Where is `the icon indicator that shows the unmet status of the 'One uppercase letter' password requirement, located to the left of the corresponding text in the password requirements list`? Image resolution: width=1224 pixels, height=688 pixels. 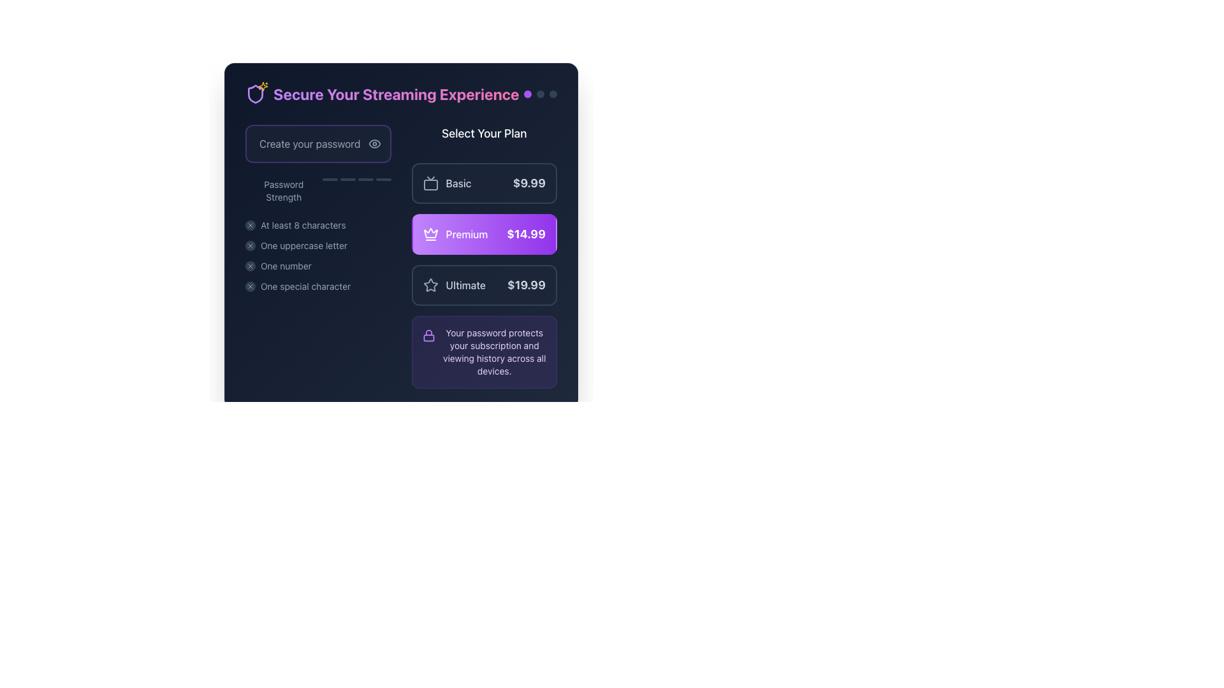
the icon indicator that shows the unmet status of the 'One uppercase letter' password requirement, located to the left of the corresponding text in the password requirements list is located at coordinates (251, 245).